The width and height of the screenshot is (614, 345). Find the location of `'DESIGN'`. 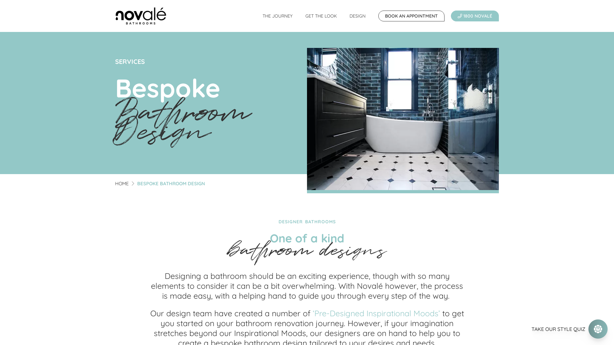

'DESIGN' is located at coordinates (343, 16).